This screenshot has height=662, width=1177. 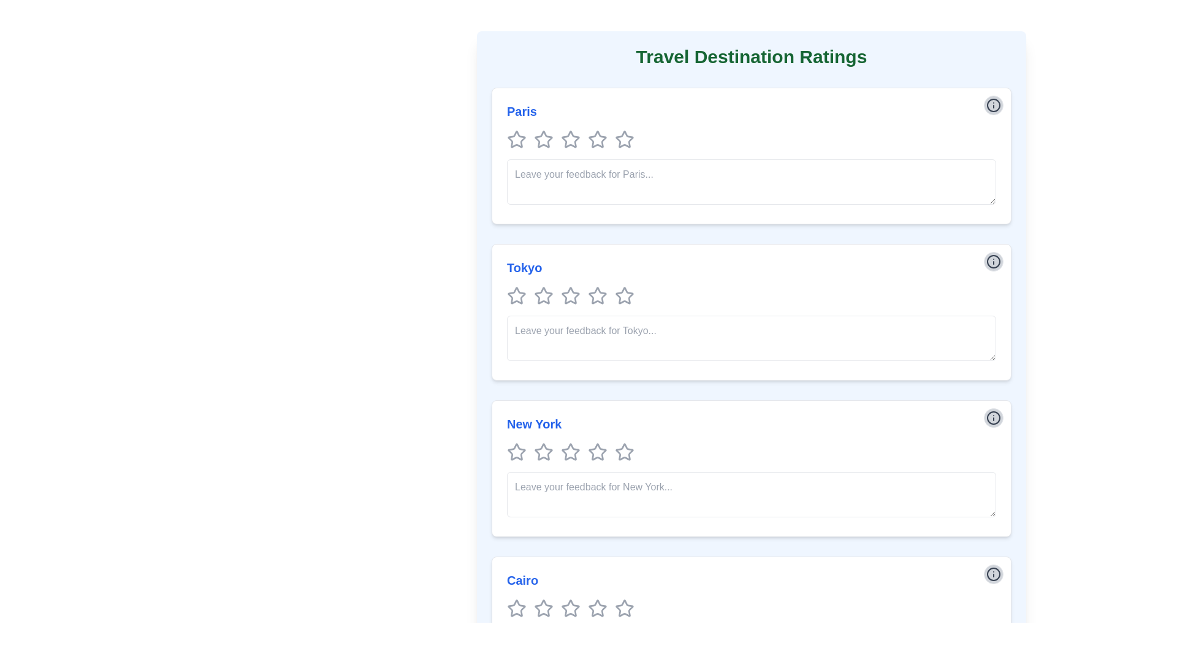 What do you see at coordinates (570, 139) in the screenshot?
I see `keyboard navigation` at bounding box center [570, 139].